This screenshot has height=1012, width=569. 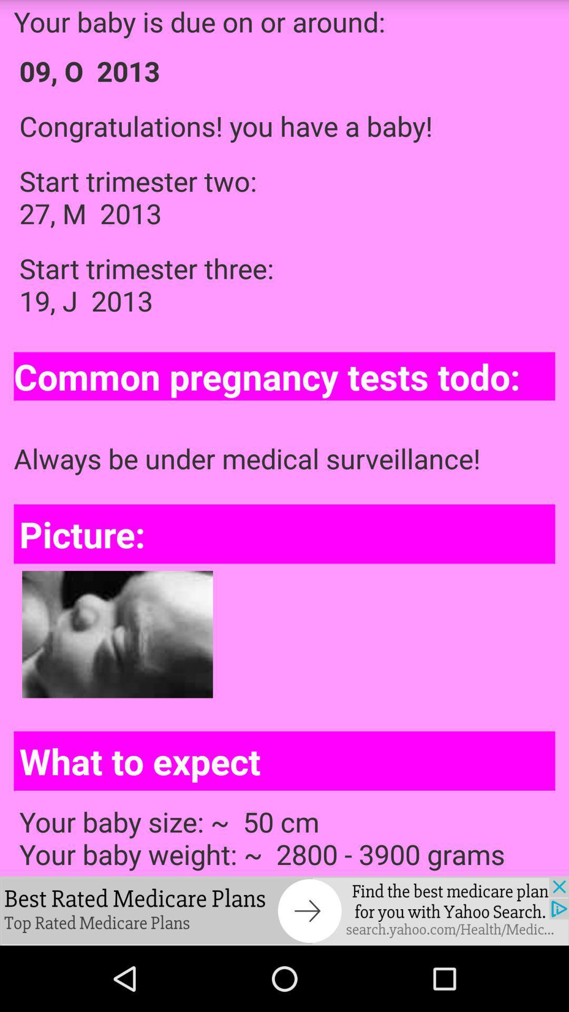 What do you see at coordinates (117, 634) in the screenshot?
I see `the photo which is above what to expect on the page` at bounding box center [117, 634].